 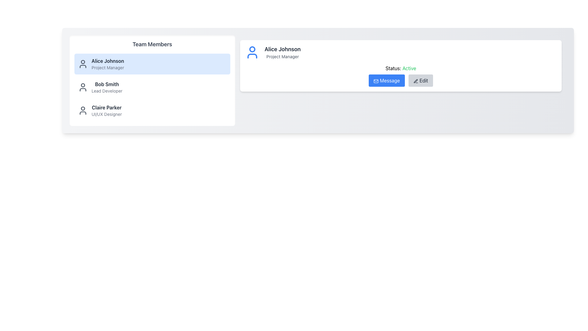 What do you see at coordinates (107, 91) in the screenshot?
I see `the text label element displaying 'Lead Developer', which is styled in gray and located below 'Bob Smith' in the team members list` at bounding box center [107, 91].